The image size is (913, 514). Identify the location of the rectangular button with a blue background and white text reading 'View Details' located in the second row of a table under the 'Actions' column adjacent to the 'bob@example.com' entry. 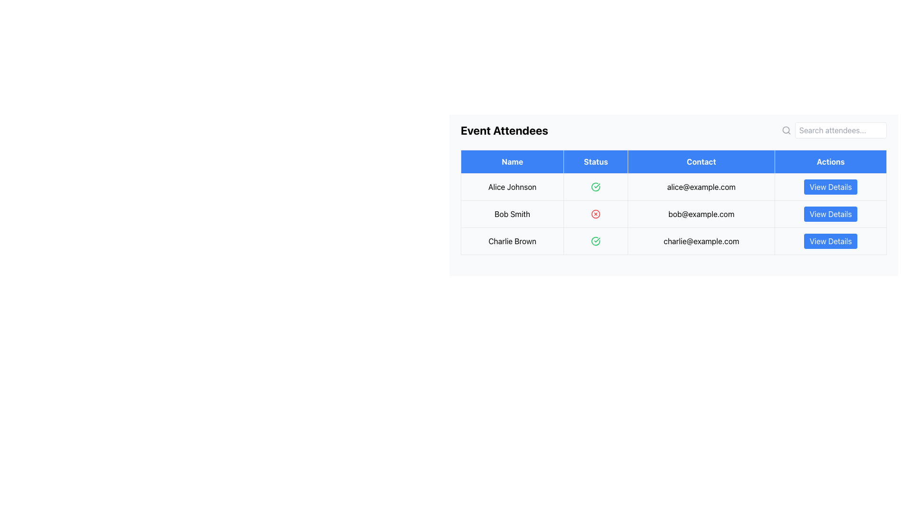
(830, 214).